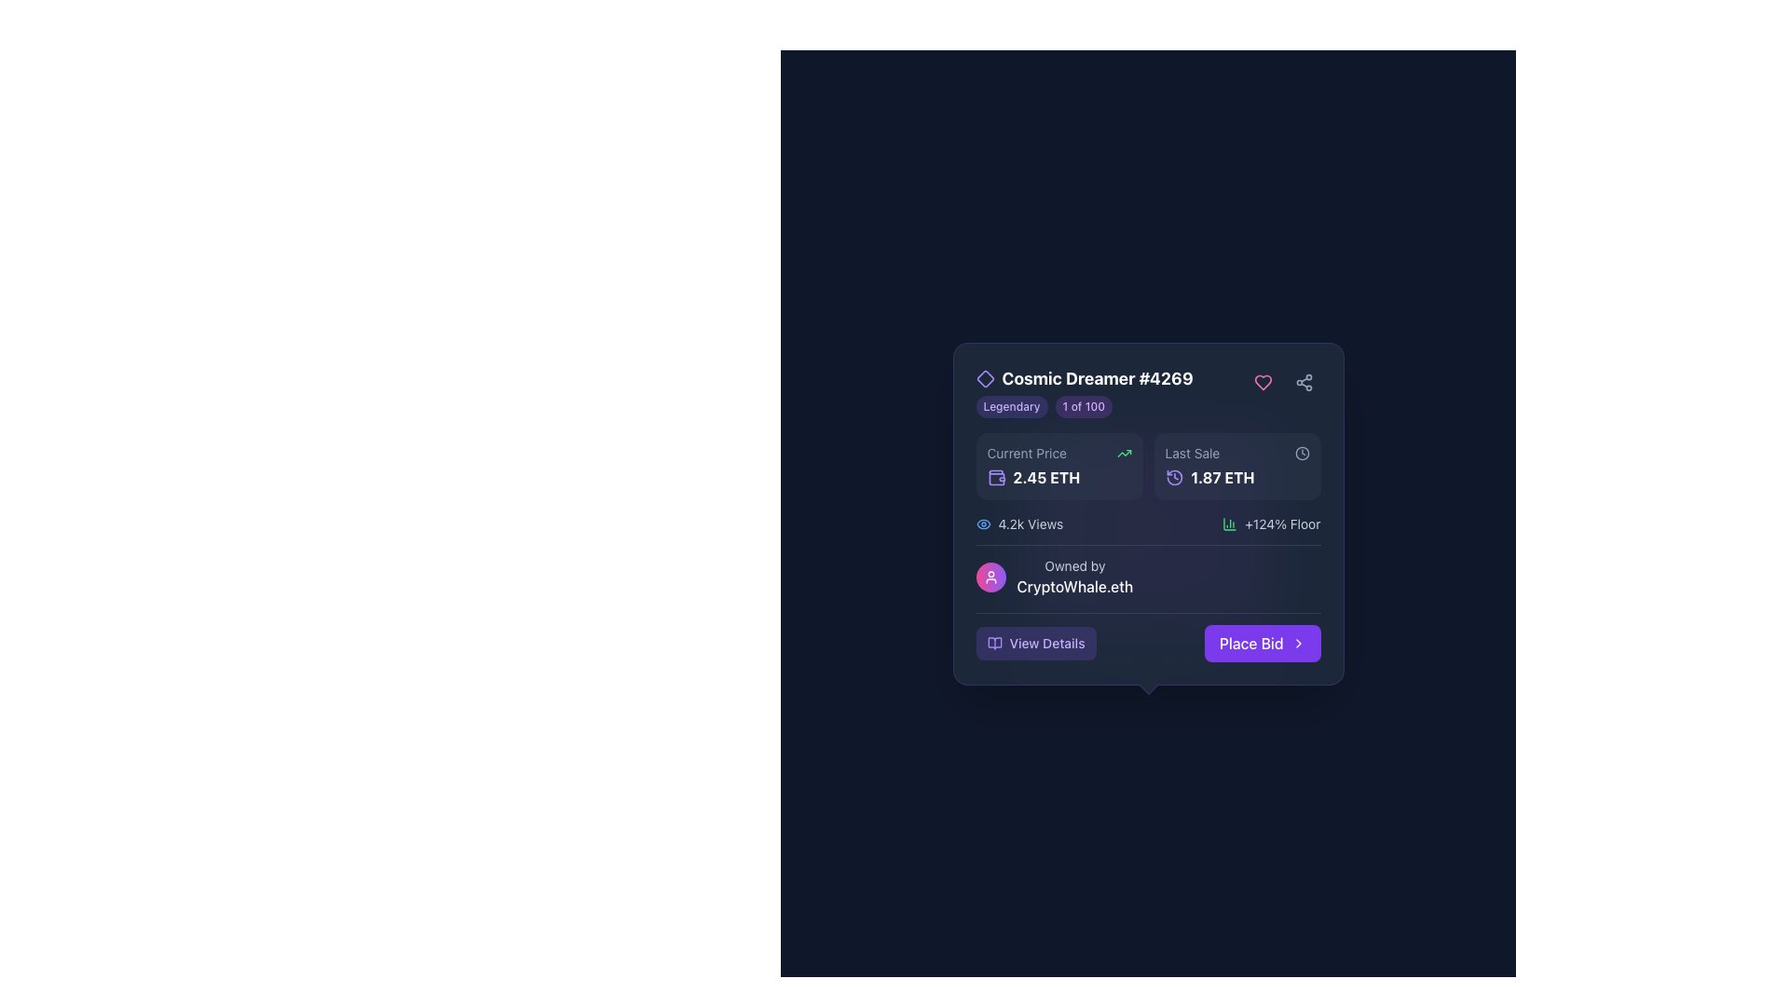 This screenshot has width=1789, height=1006. What do you see at coordinates (990, 577) in the screenshot?
I see `the small circular icon with a gradient from pink to violet and a white user silhouette in the center, located to the left of the text 'Owned by CryptoWhale.eth'` at bounding box center [990, 577].